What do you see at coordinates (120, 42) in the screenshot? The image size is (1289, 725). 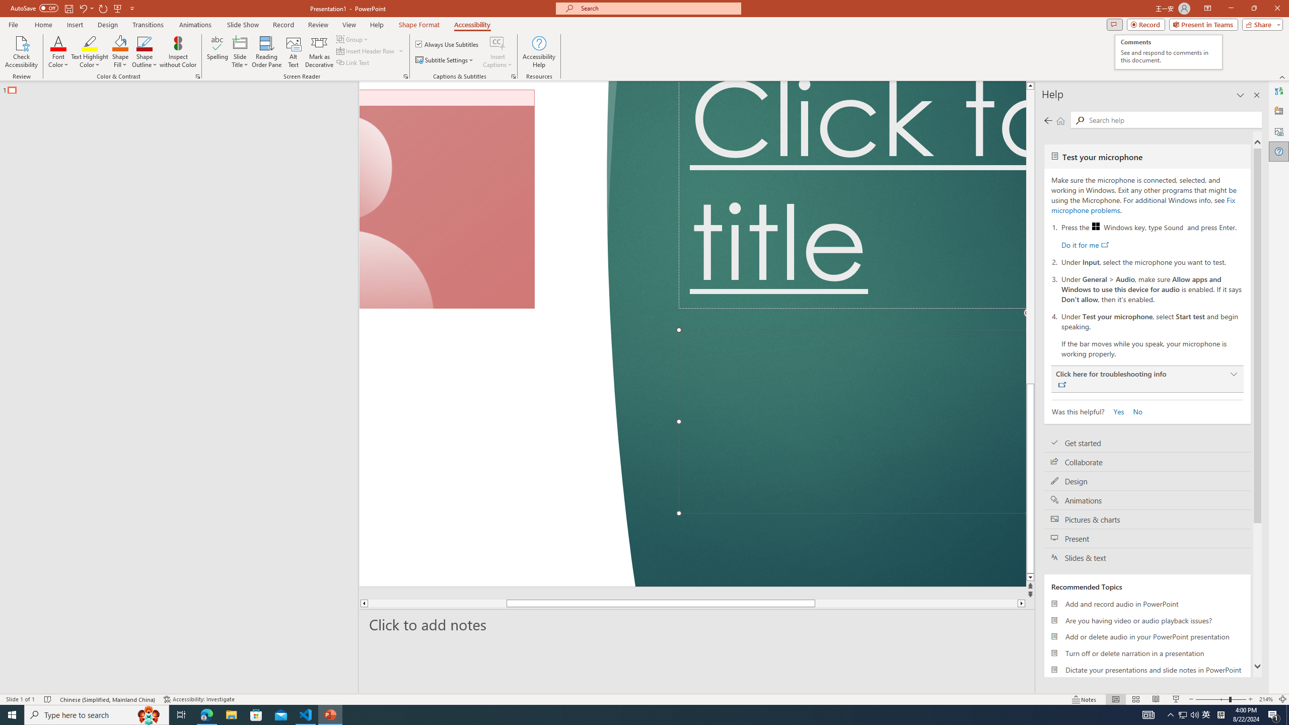 I see `'Shape Fill Orange, Accent 2'` at bounding box center [120, 42].